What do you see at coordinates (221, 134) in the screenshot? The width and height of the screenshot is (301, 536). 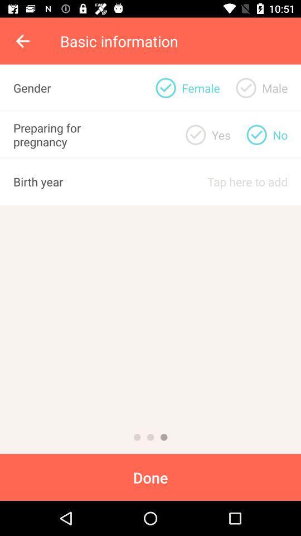 I see `icon above the tap here to icon` at bounding box center [221, 134].